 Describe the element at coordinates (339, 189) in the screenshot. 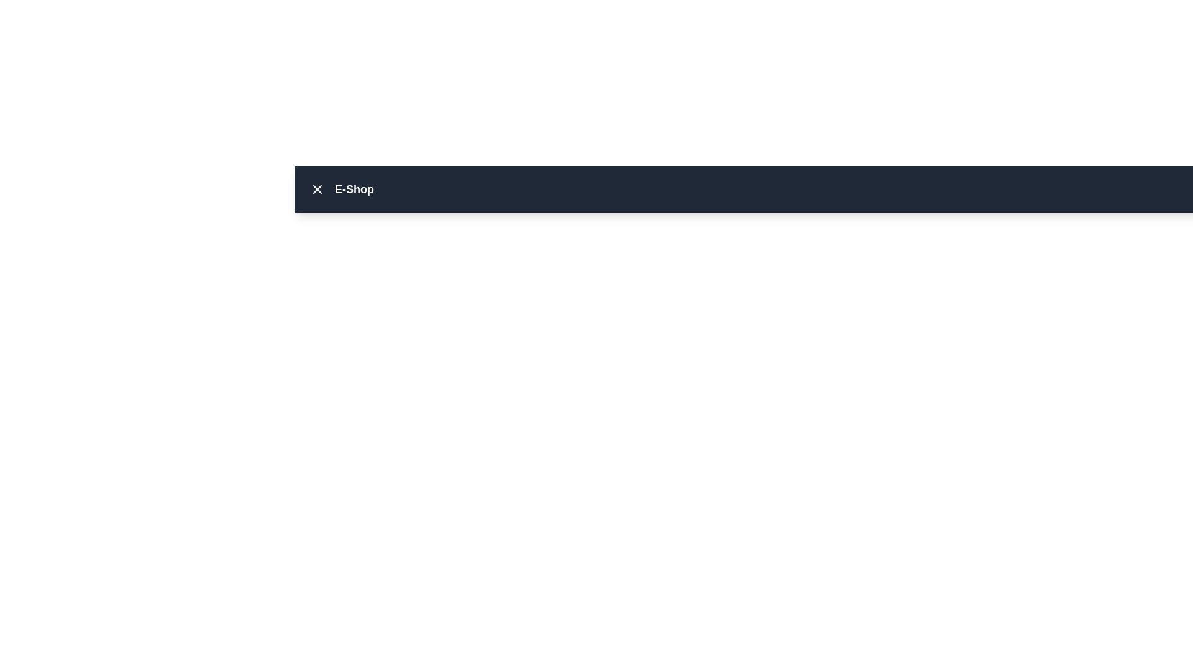

I see `the static text label located at the top-left section of the interface, which serves as the title or identifier for the application, adjacent to the 'X' icon` at that location.